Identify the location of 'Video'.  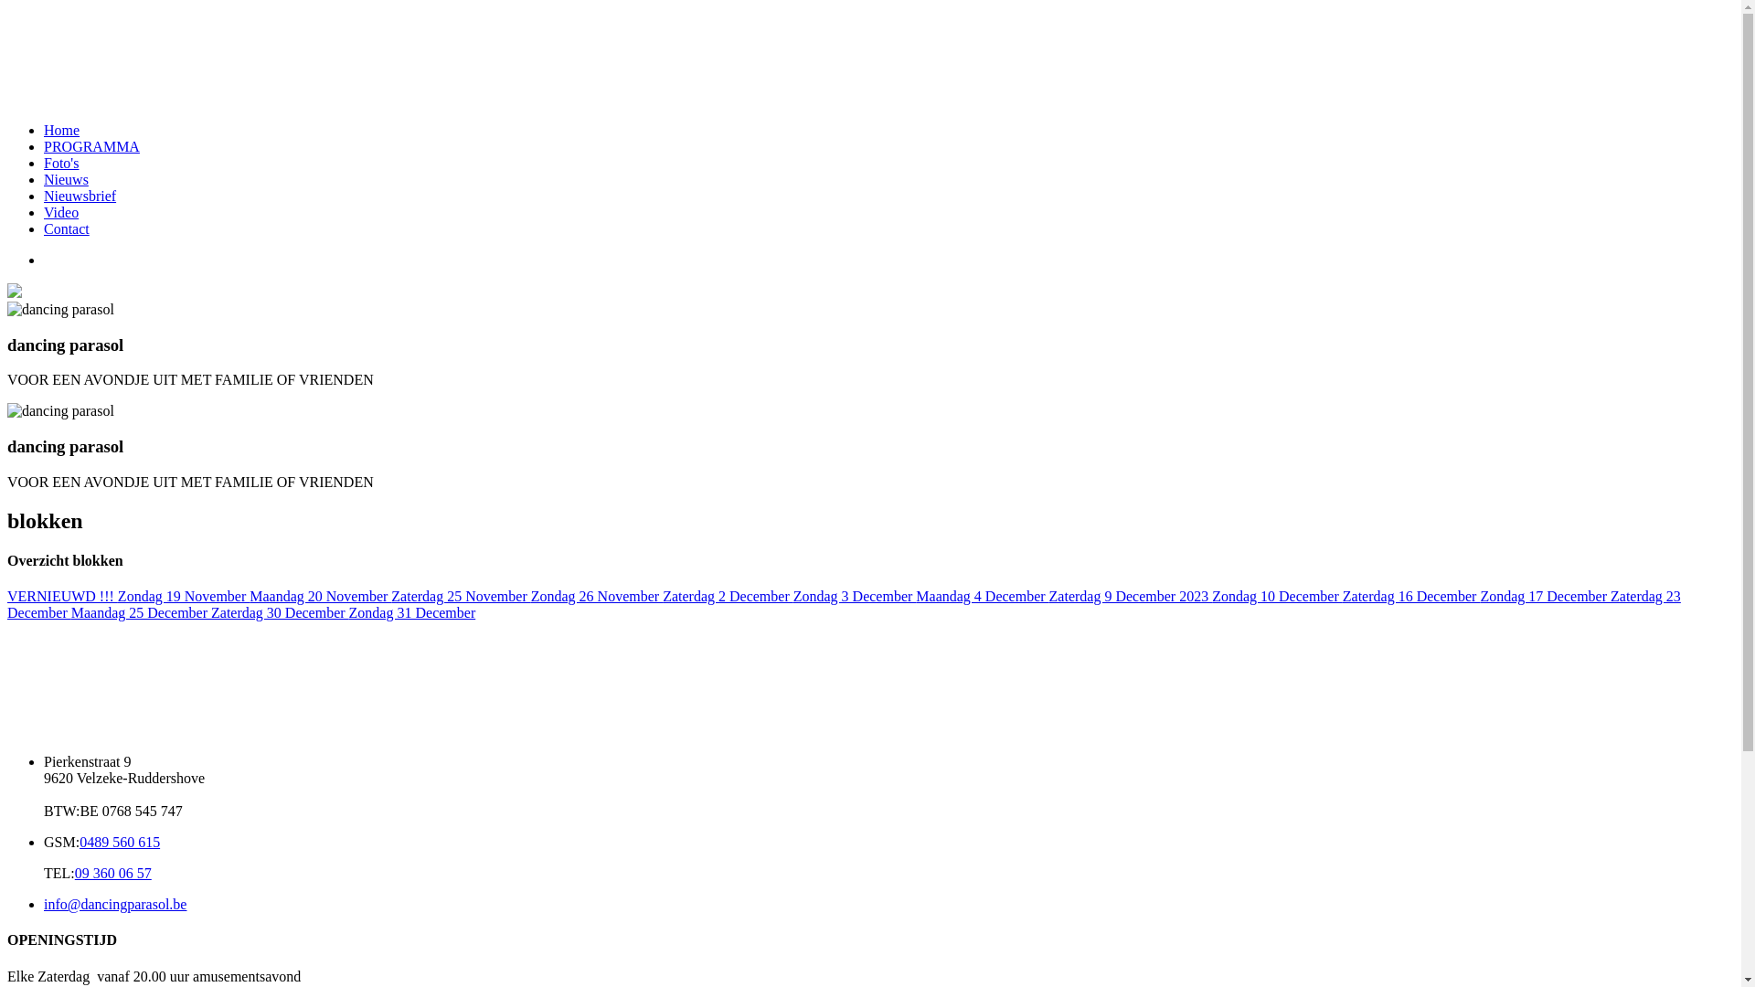
(61, 211).